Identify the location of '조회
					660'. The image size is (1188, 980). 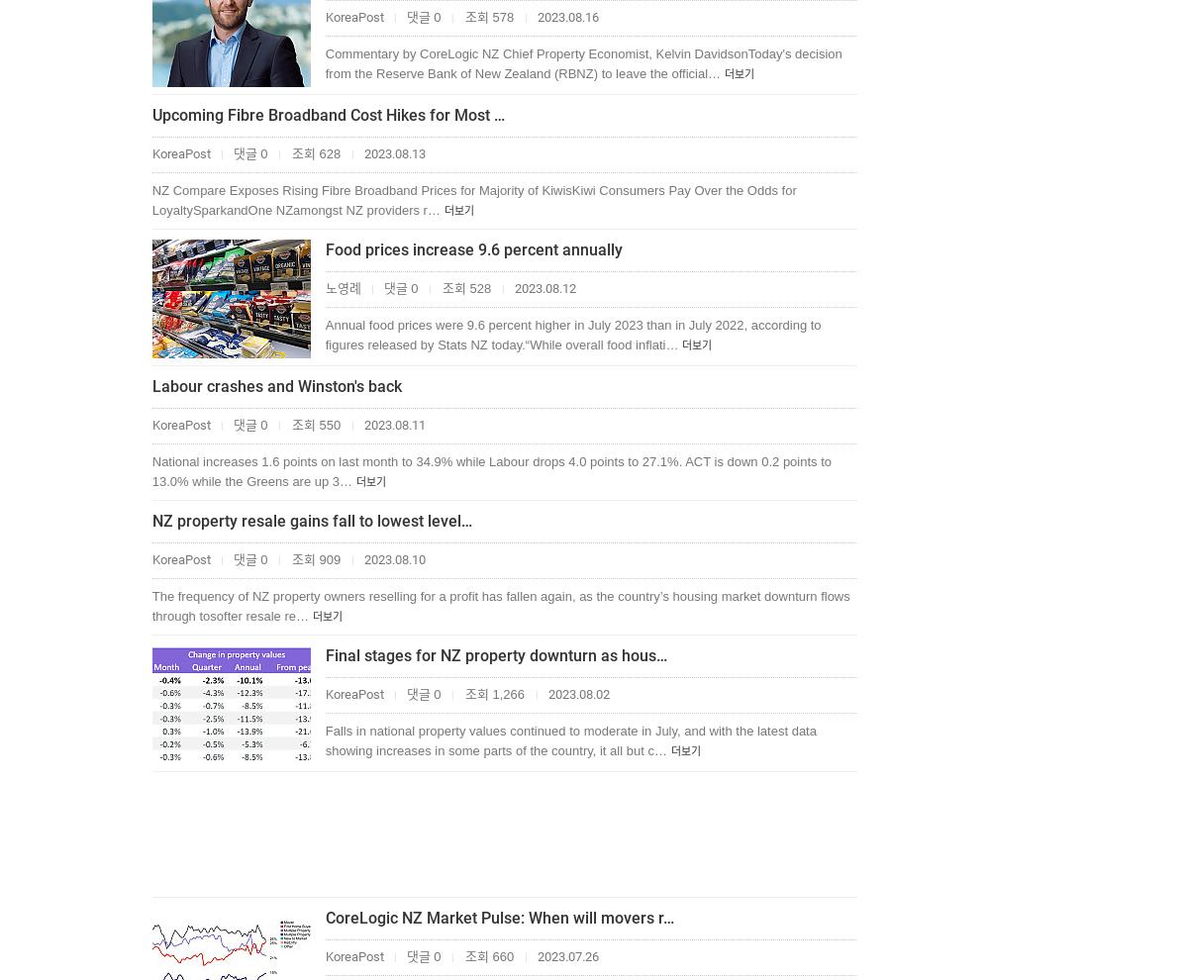
(488, 956).